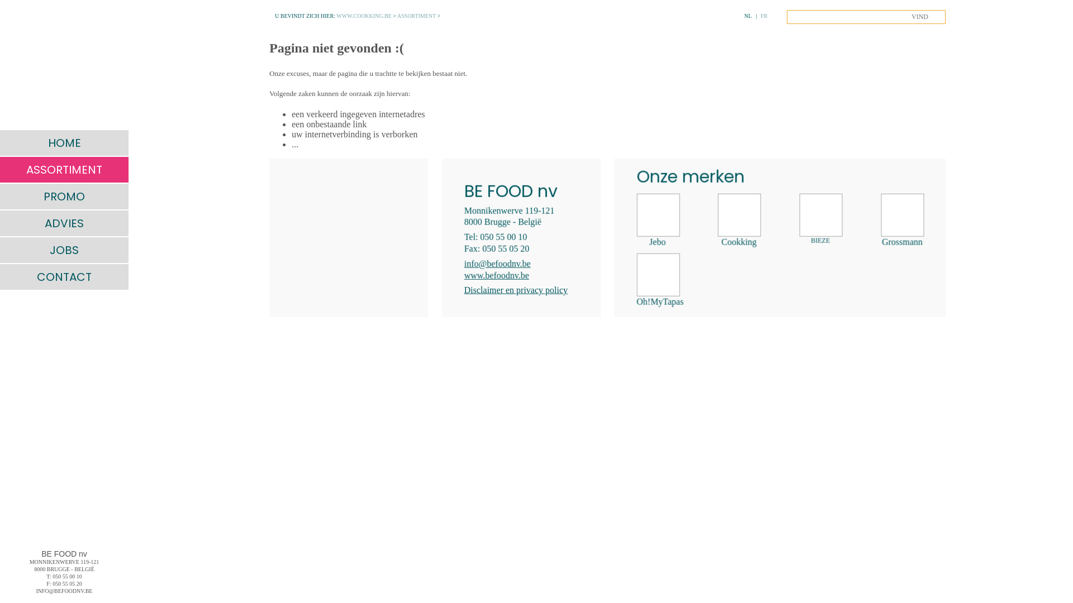 This screenshot has height=603, width=1073. I want to click on ' Jebo', so click(657, 220).